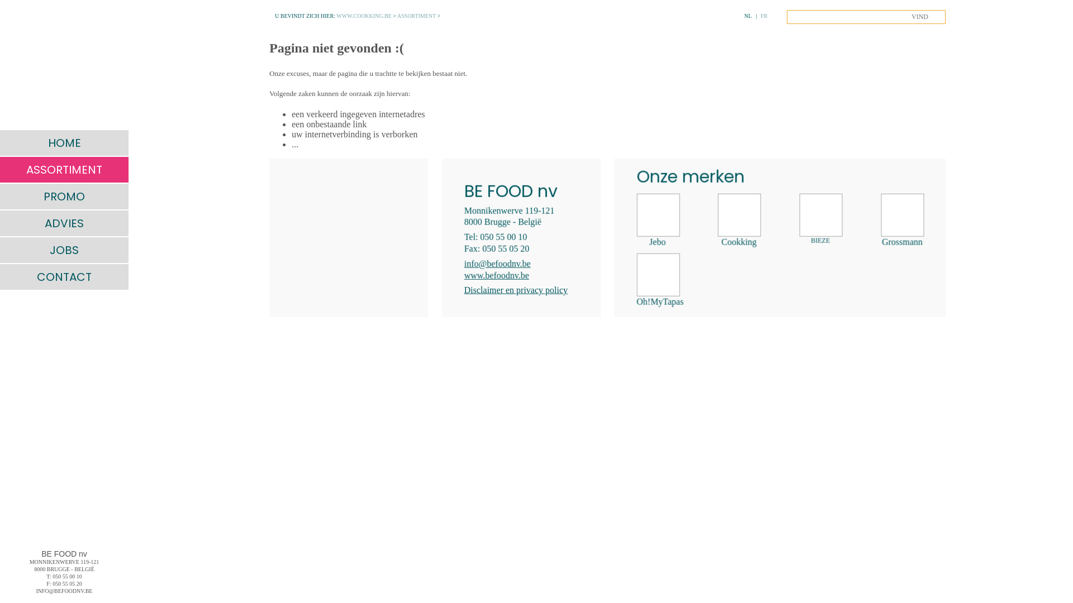 This screenshot has height=603, width=1073. I want to click on ' Jebo', so click(657, 220).